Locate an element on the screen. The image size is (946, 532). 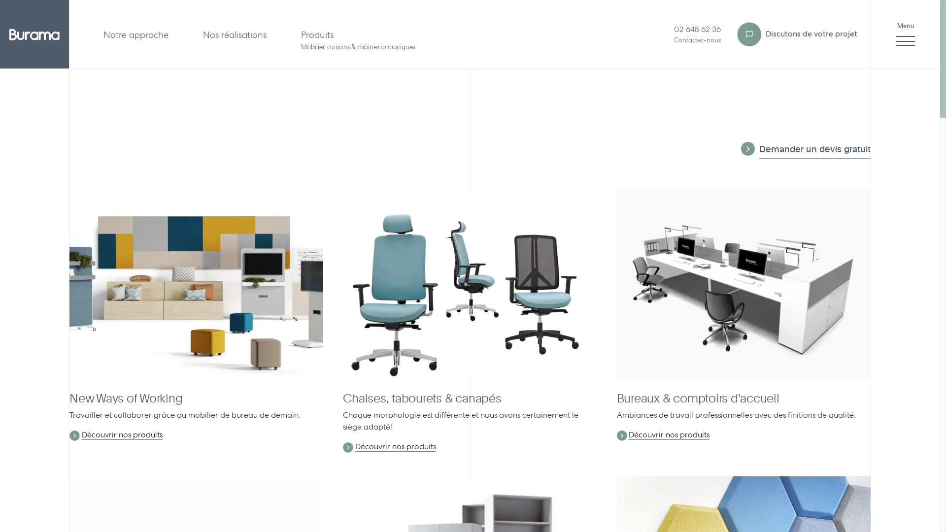
'02 648 62 36' is located at coordinates (697, 29).